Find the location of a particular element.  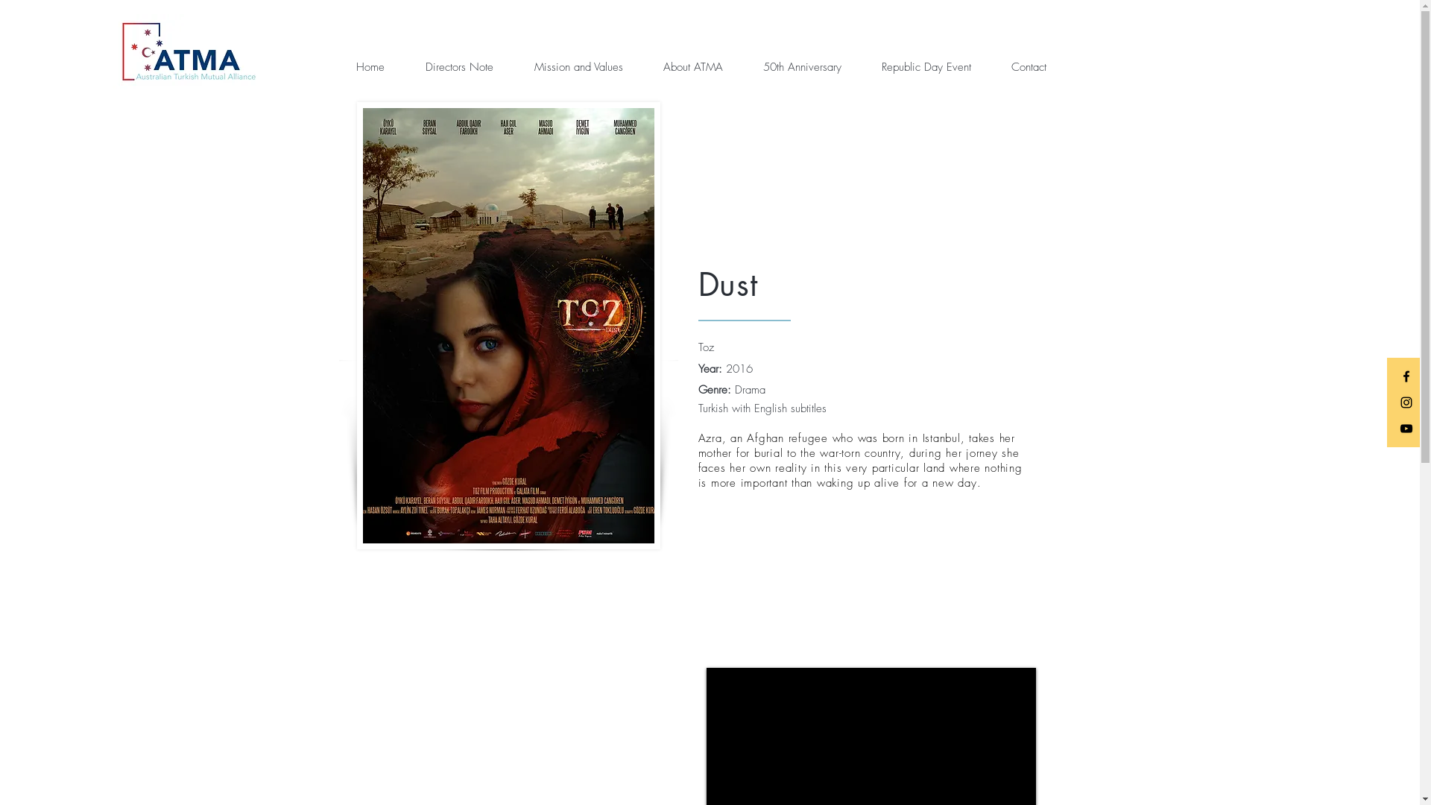

'Republic Day Event' is located at coordinates (934, 66).